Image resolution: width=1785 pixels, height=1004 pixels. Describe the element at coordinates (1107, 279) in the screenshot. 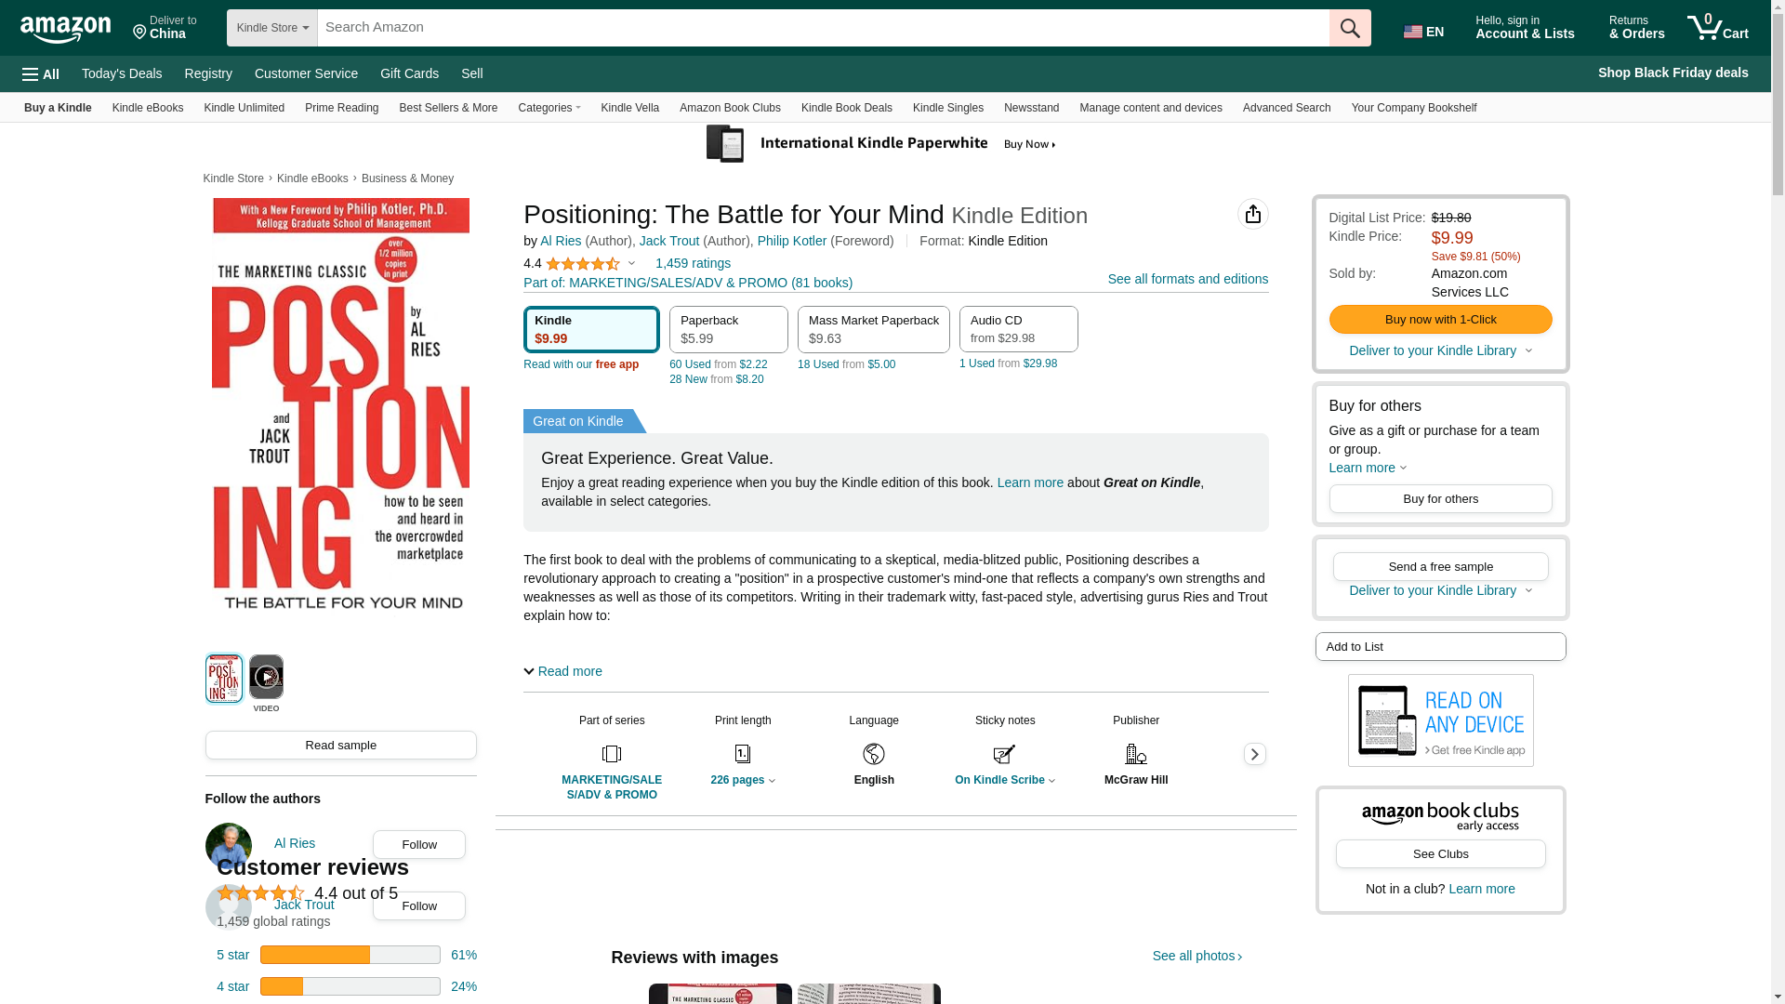

I see `'See all formats and editions'` at that location.